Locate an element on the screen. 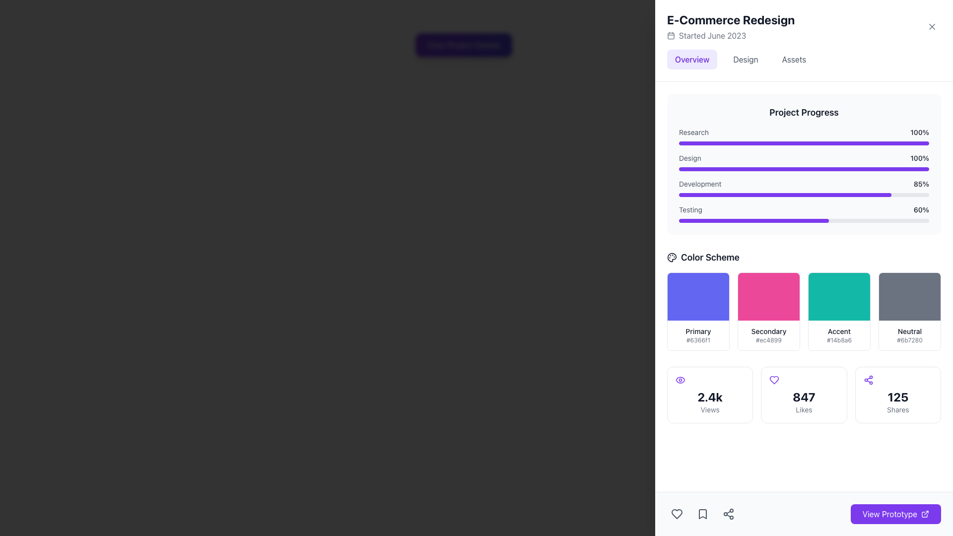 The width and height of the screenshot is (953, 536). the text label displaying 'Primary' in a dark gray color, which is positioned above the color code '#6366f1' within the card labeled 'Primary#6366f1' is located at coordinates (697, 331).